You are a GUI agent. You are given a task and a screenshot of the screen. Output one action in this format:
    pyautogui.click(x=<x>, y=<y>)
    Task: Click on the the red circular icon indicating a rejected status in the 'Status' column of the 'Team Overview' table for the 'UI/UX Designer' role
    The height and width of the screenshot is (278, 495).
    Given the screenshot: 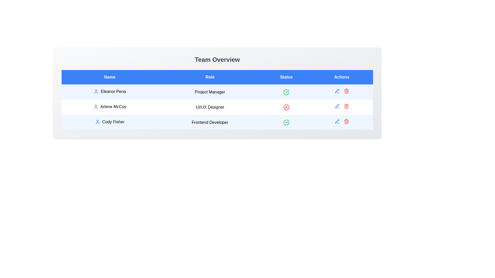 What is the action you would take?
    pyautogui.click(x=286, y=107)
    